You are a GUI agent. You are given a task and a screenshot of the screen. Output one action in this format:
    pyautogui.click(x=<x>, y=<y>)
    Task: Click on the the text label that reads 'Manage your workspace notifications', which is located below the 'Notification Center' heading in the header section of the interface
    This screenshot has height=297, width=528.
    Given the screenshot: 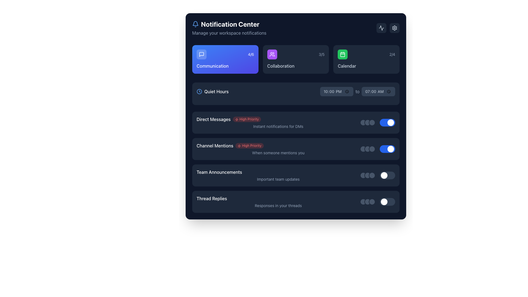 What is the action you would take?
    pyautogui.click(x=229, y=33)
    